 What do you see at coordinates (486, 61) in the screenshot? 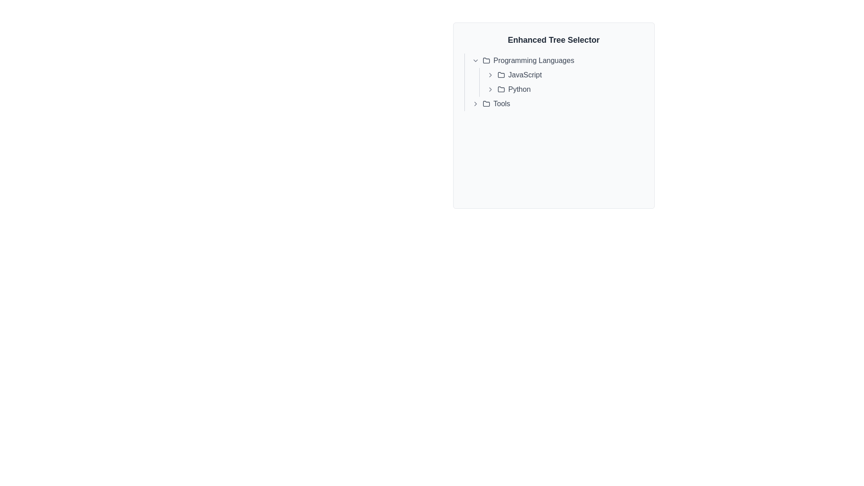
I see `the folder icon, which is located to the left of the text 'Programming Languages' in the hierarchical tree structure` at bounding box center [486, 61].